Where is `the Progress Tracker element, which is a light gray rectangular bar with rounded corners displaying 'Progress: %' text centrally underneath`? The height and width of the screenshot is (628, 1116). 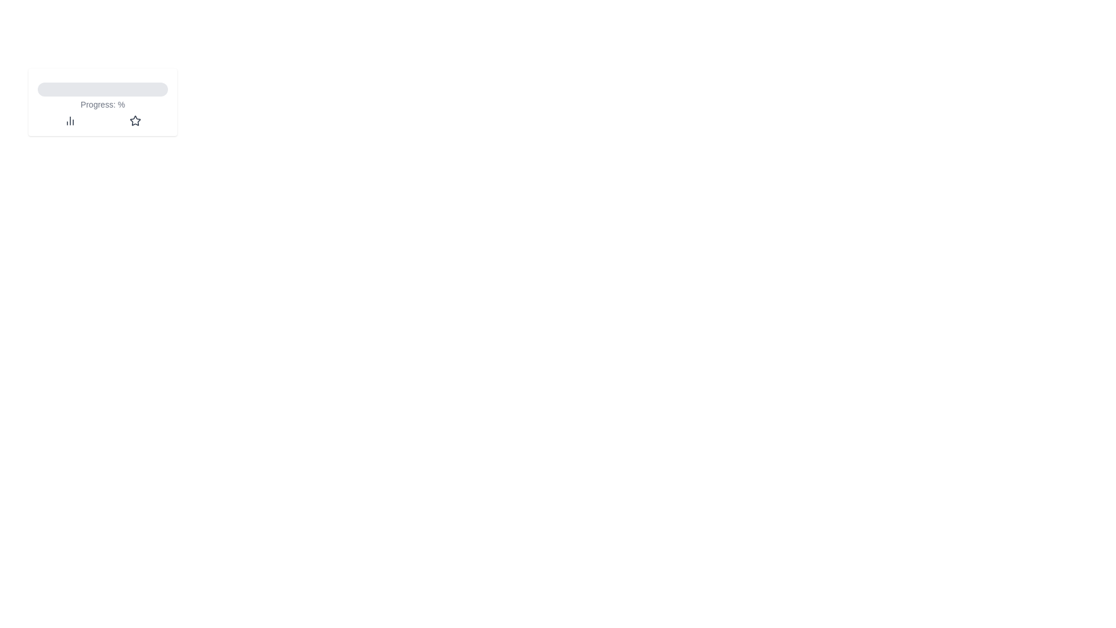 the Progress Tracker element, which is a light gray rectangular bar with rounded corners displaying 'Progress: %' text centrally underneath is located at coordinates (103, 102).